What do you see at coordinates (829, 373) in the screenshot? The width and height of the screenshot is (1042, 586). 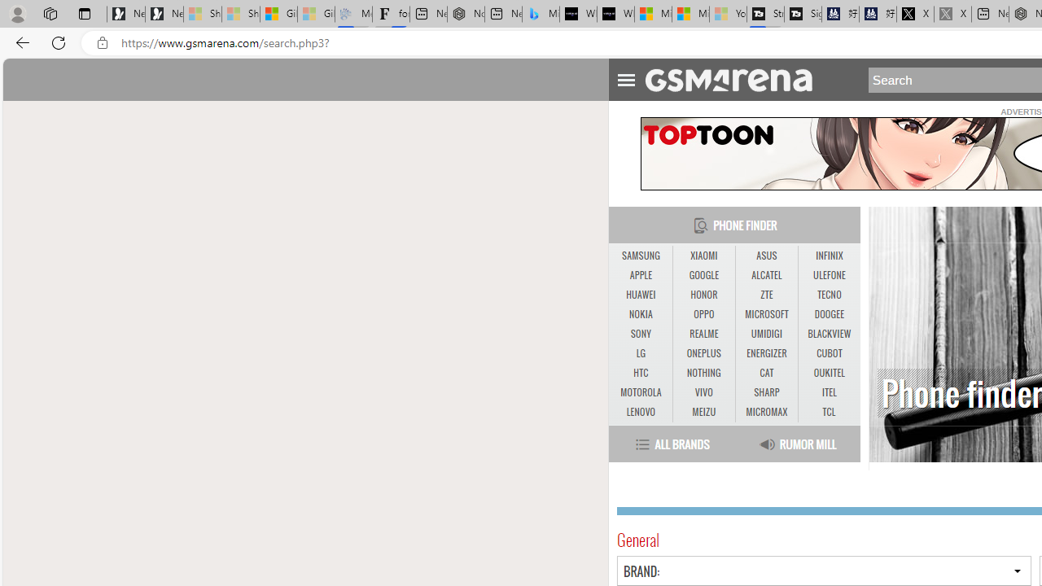 I see `'OUKITEL'` at bounding box center [829, 373].